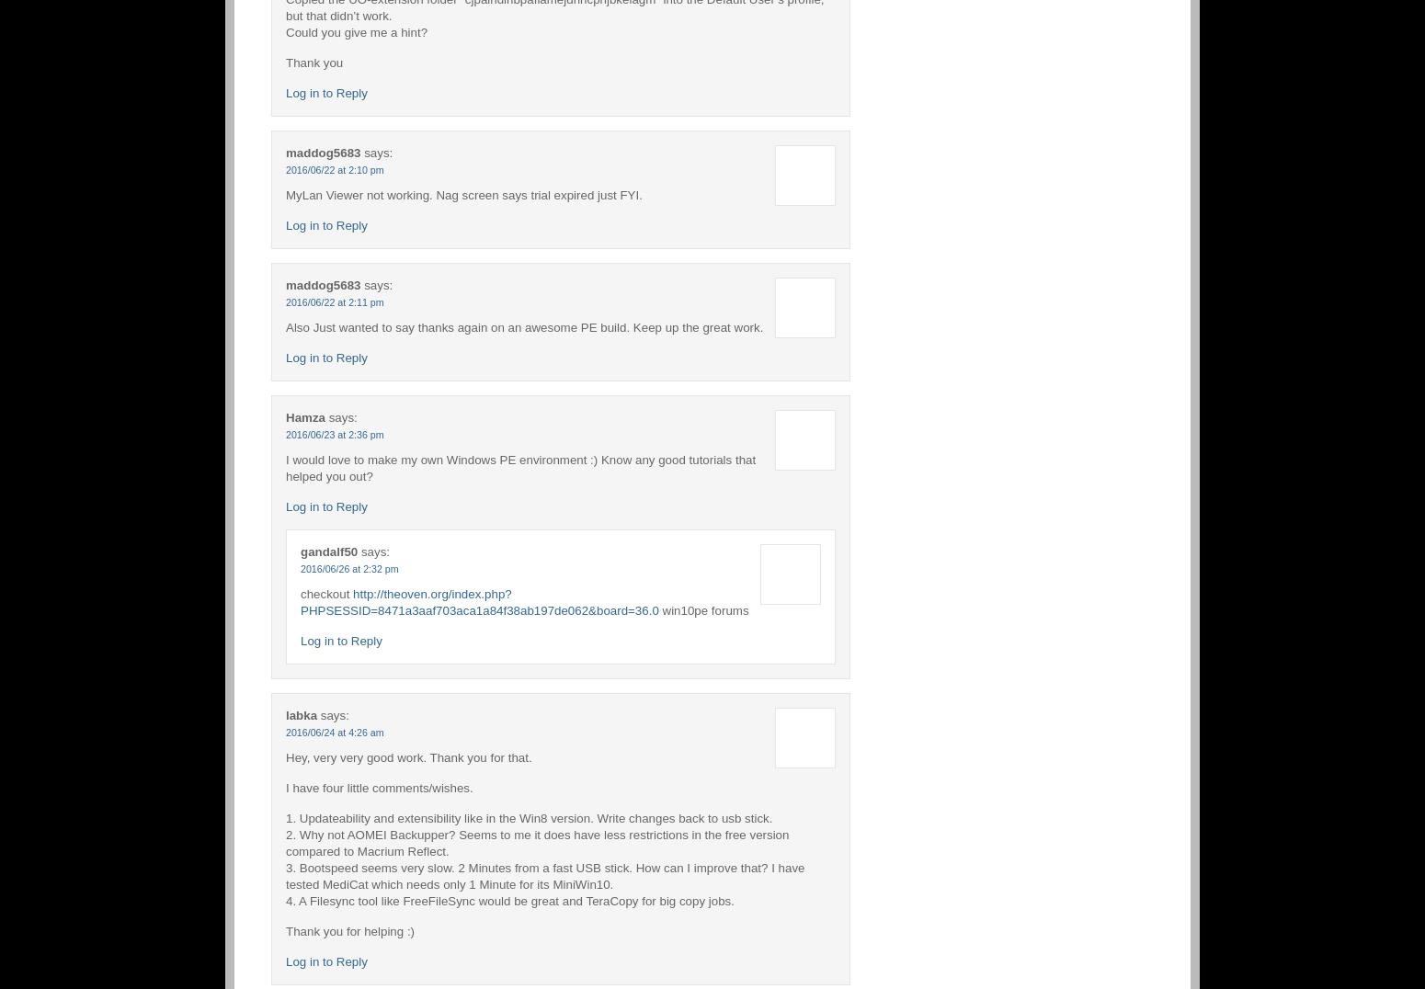 Image resolution: width=1425 pixels, height=989 pixels. I want to click on '2016/06/23 at 2:36 pm', so click(333, 433).